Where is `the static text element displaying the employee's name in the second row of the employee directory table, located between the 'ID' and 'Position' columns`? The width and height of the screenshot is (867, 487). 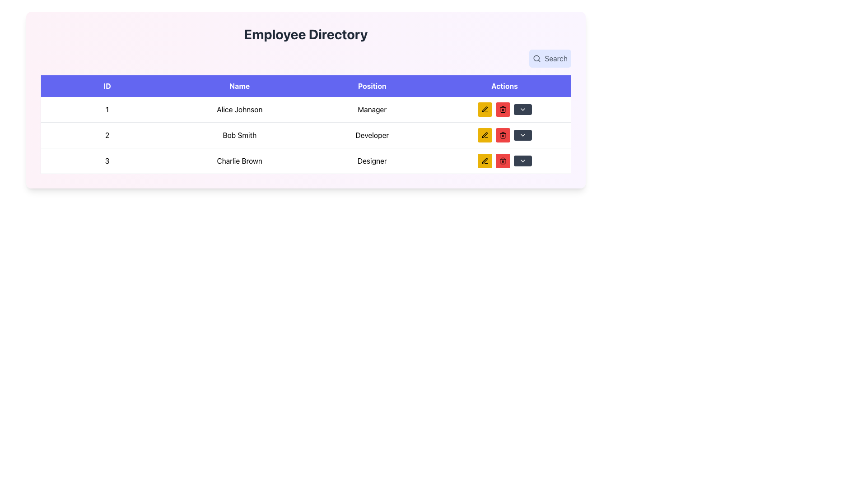
the static text element displaying the employee's name in the second row of the employee directory table, located between the 'ID' and 'Position' columns is located at coordinates (239, 135).